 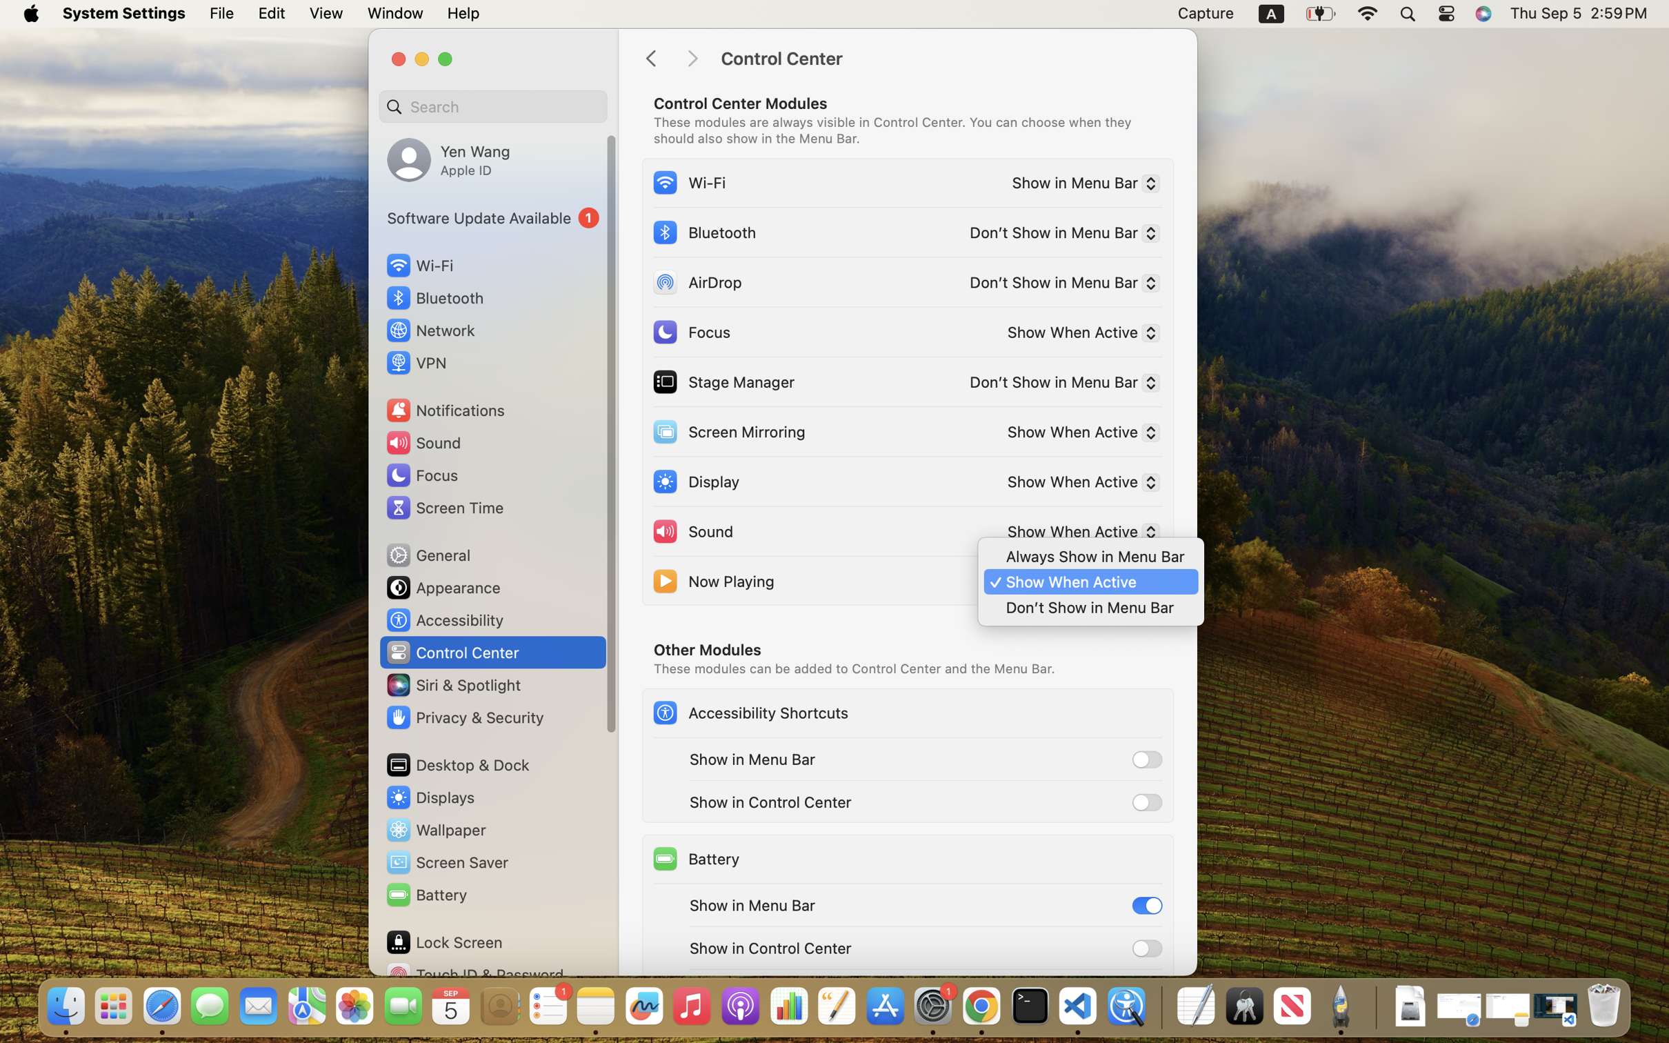 What do you see at coordinates (444, 507) in the screenshot?
I see `'Screen Time'` at bounding box center [444, 507].